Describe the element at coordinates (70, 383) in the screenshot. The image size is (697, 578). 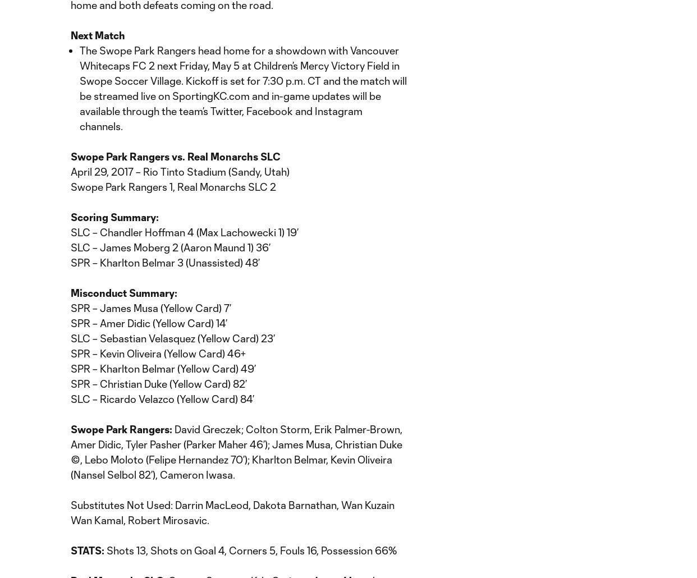
I see `'SPR – Christian Duke (Yellow Card) 82’'` at that location.